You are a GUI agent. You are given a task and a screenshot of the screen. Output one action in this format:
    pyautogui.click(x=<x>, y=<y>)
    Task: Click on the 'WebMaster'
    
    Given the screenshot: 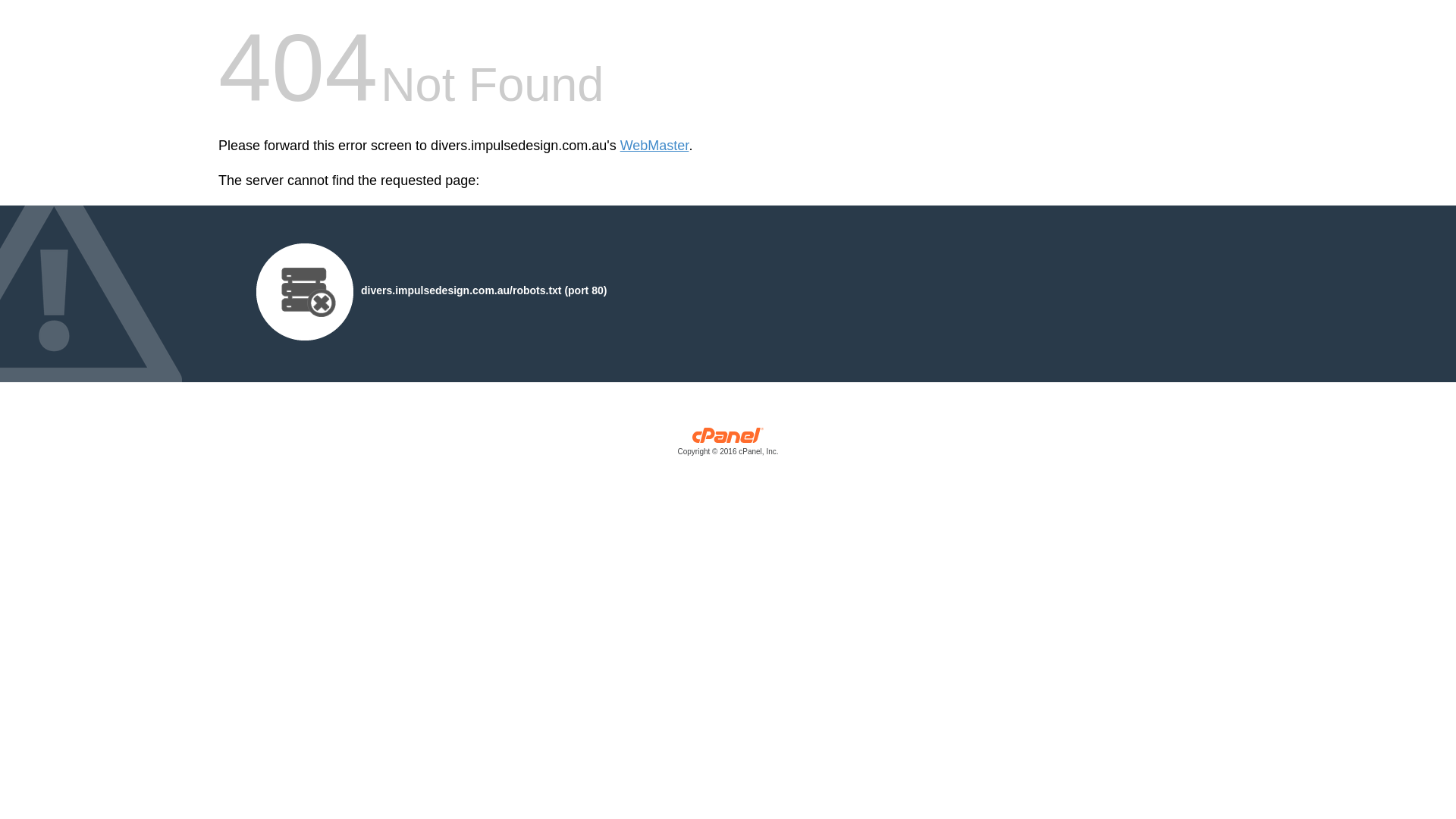 What is the action you would take?
    pyautogui.click(x=654, y=146)
    